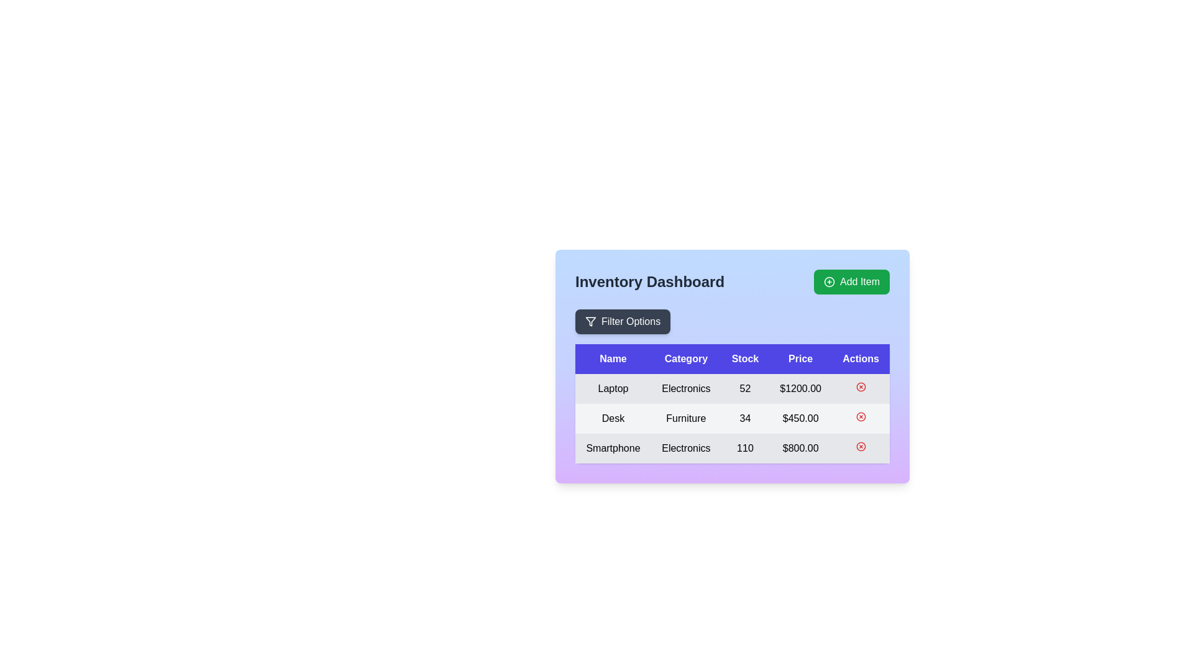 The image size is (1193, 671). What do you see at coordinates (685, 419) in the screenshot?
I see `text label that indicates the category of the product 'Desk', which is 'Furniture', located in the second column of the second row in a grid-like table` at bounding box center [685, 419].